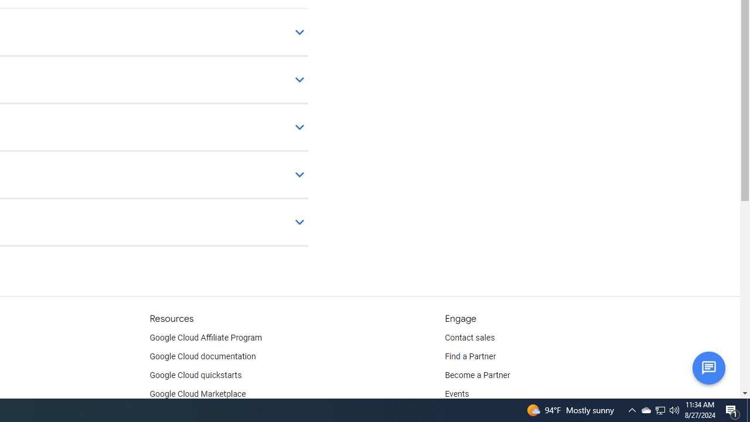 The height and width of the screenshot is (422, 750). Describe the element at coordinates (206, 338) in the screenshot. I see `'Google Cloud Affiliate Program'` at that location.